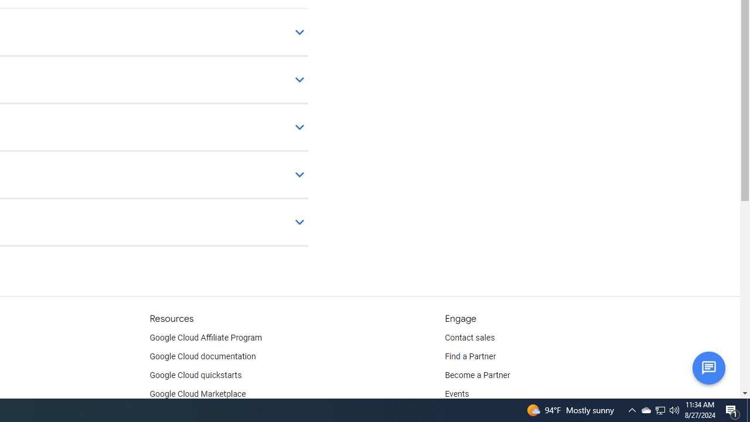 The height and width of the screenshot is (422, 750). Describe the element at coordinates (206, 338) in the screenshot. I see `'Google Cloud Affiliate Program'` at that location.